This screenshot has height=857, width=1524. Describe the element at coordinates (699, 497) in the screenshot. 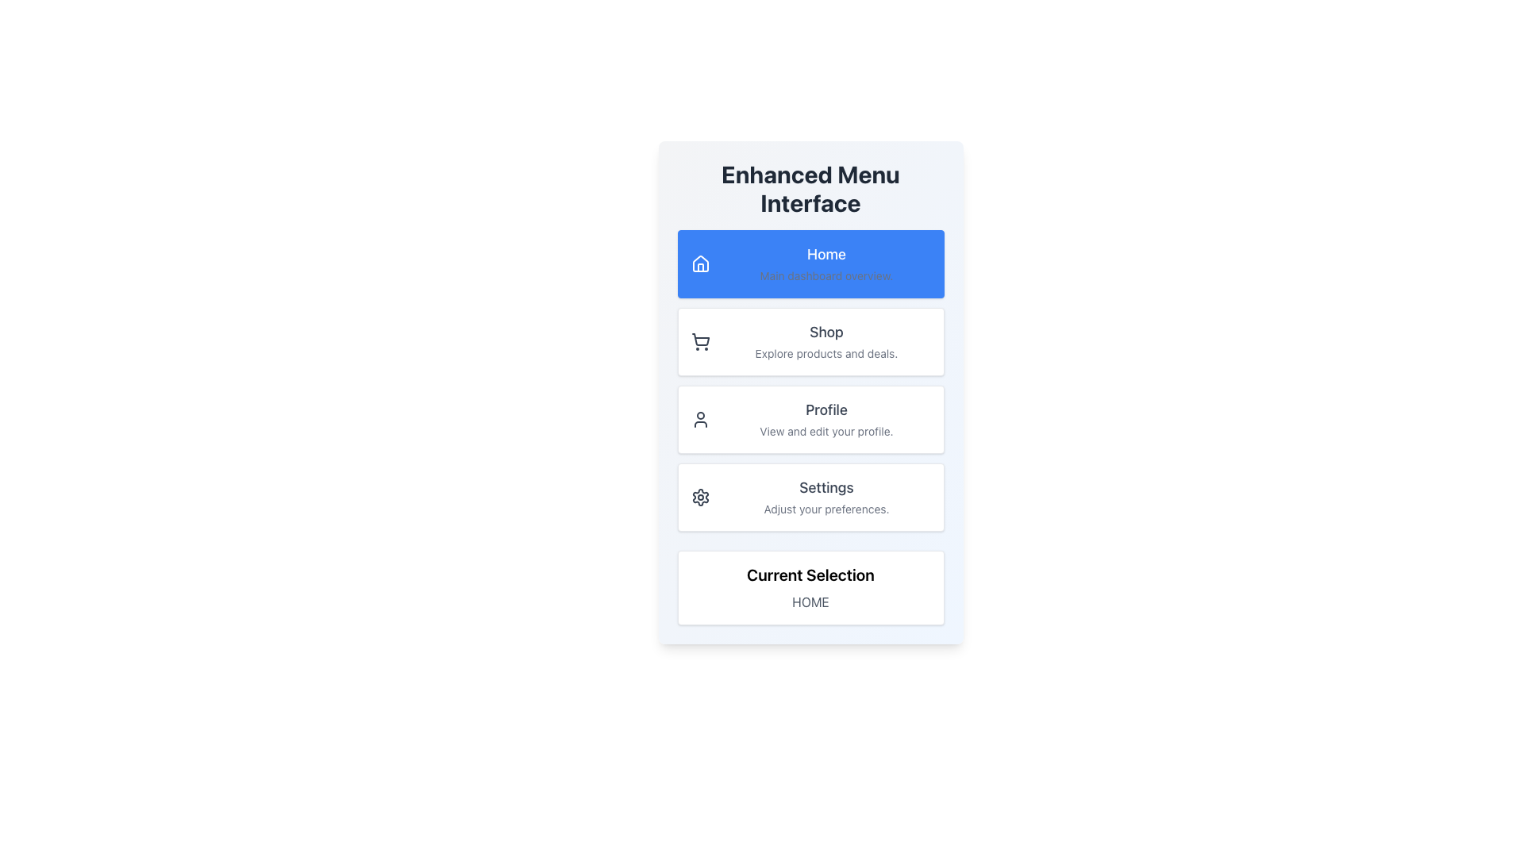

I see `the gear icon located at the leftmost section of the 'Settings' button` at that location.